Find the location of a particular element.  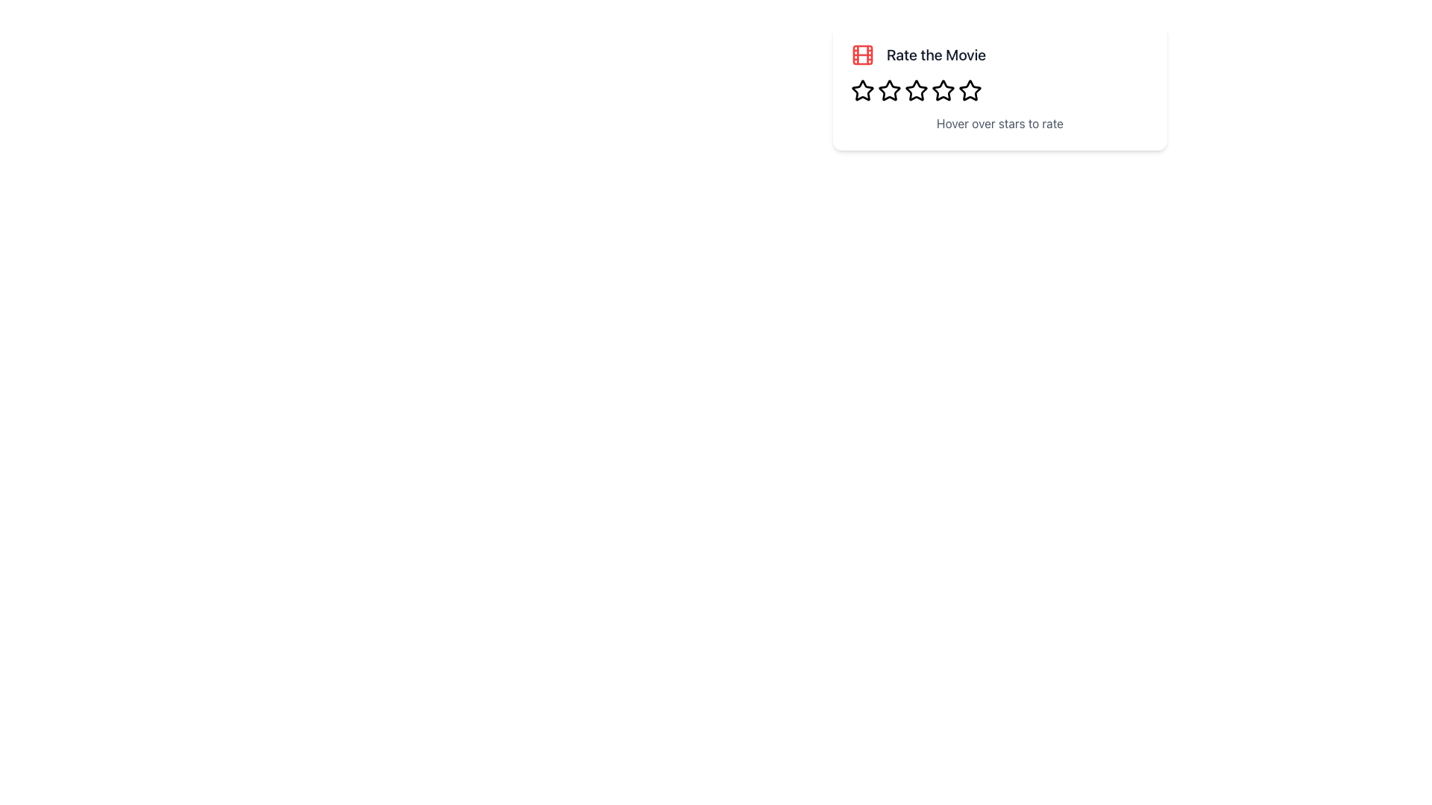

the second star icon in the rating widget is located at coordinates (888, 89).